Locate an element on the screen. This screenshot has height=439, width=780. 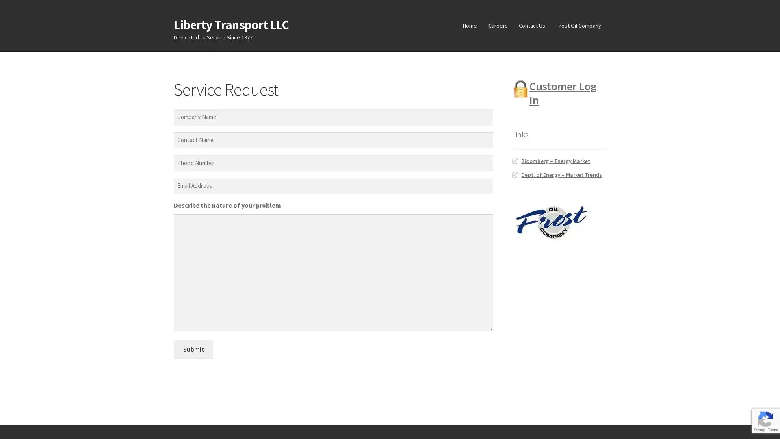
Submit is located at coordinates (193, 349).